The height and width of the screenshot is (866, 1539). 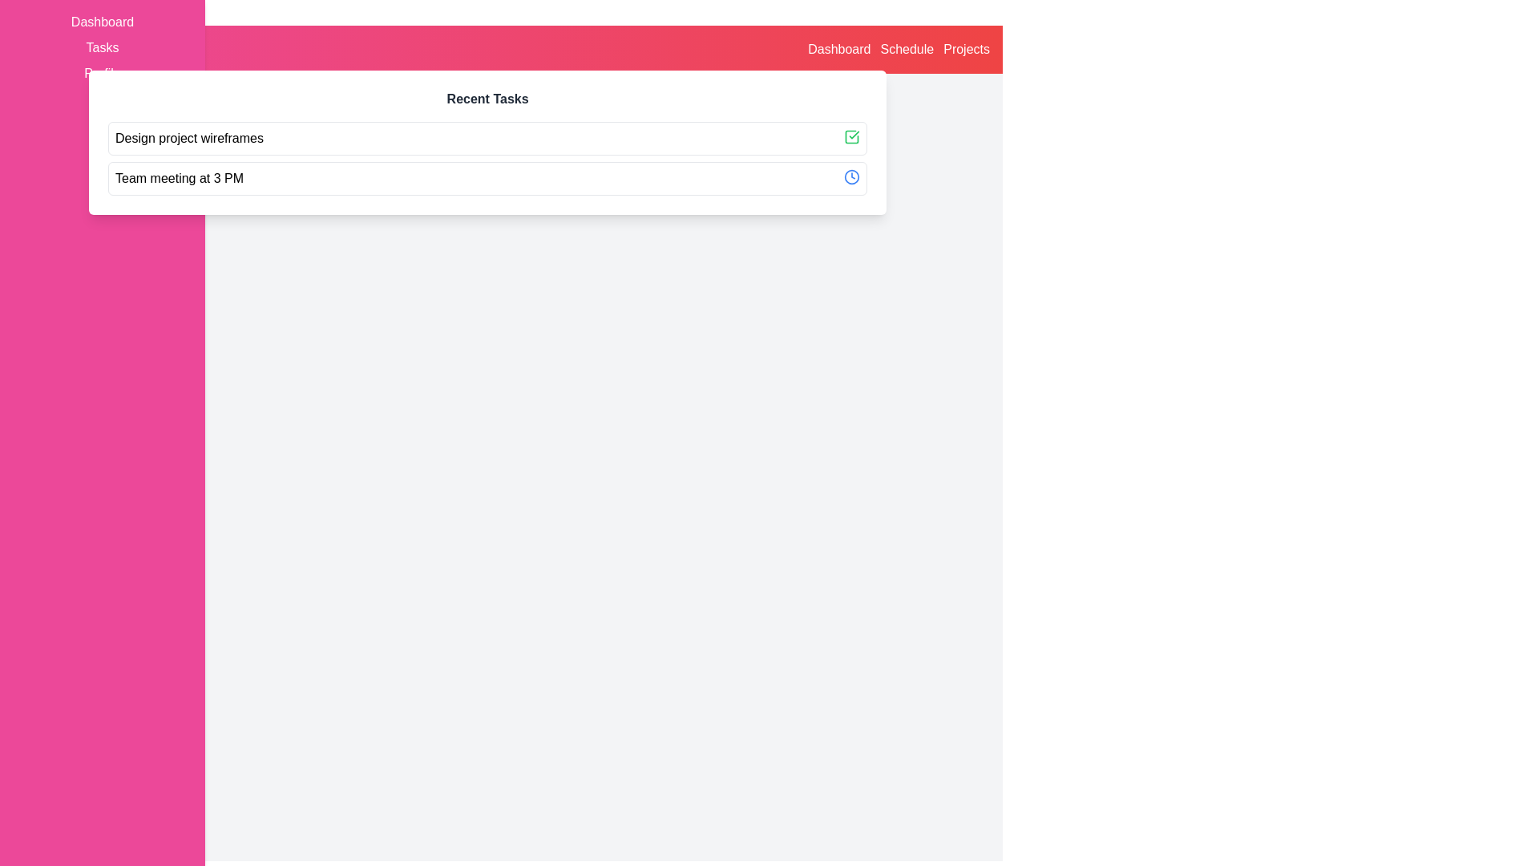 I want to click on the 'Dashboard' text link in the header navigation bar to underline the text, so click(x=838, y=48).